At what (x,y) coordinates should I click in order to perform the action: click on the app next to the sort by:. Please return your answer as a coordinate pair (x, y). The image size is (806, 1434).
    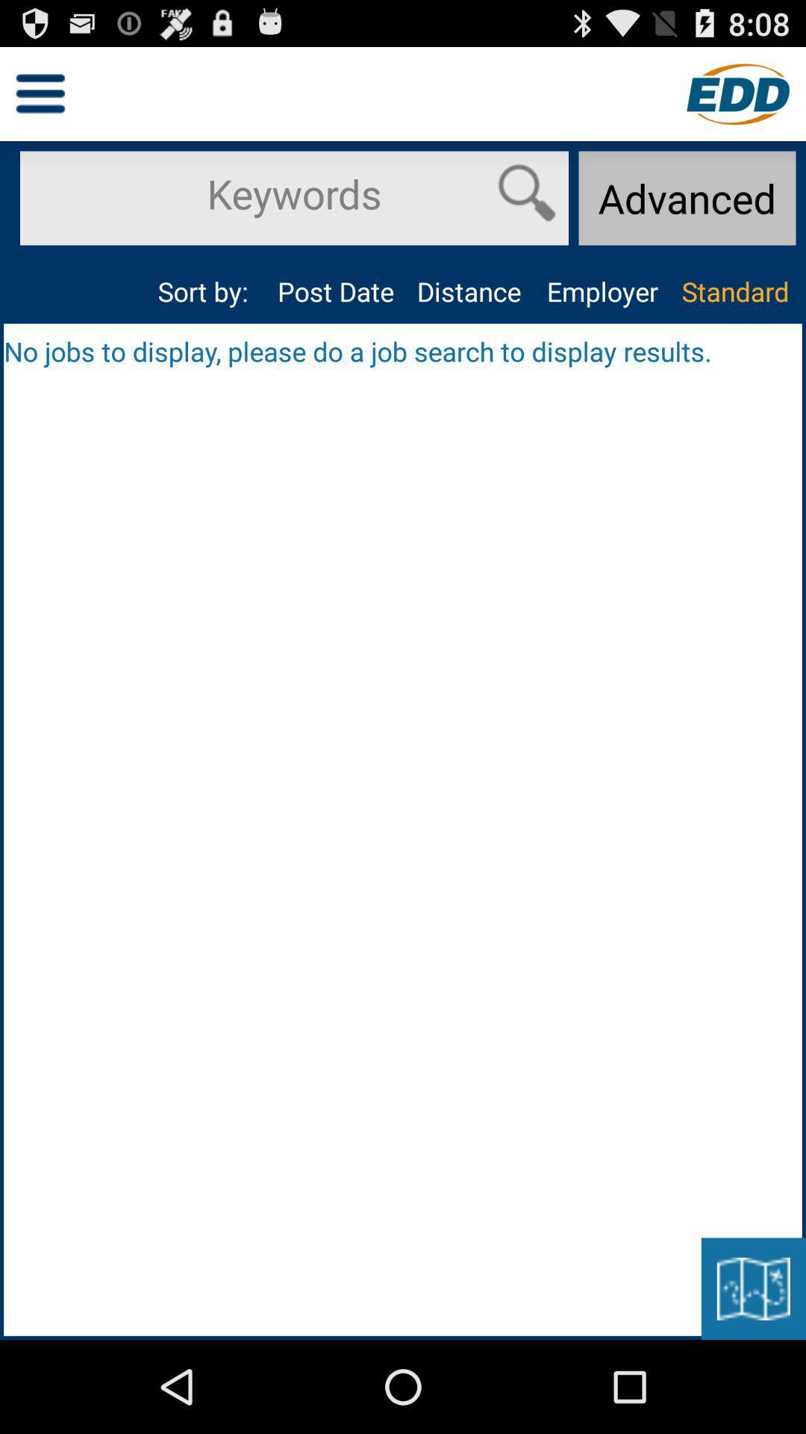
    Looking at the image, I should click on (336, 291).